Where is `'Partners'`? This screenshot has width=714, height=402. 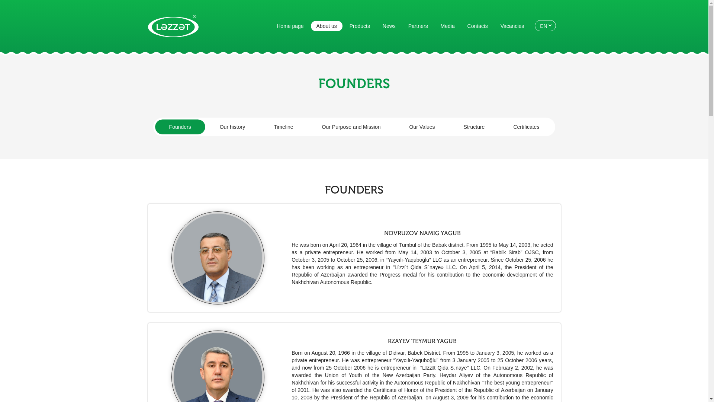
'Partners' is located at coordinates (418, 25).